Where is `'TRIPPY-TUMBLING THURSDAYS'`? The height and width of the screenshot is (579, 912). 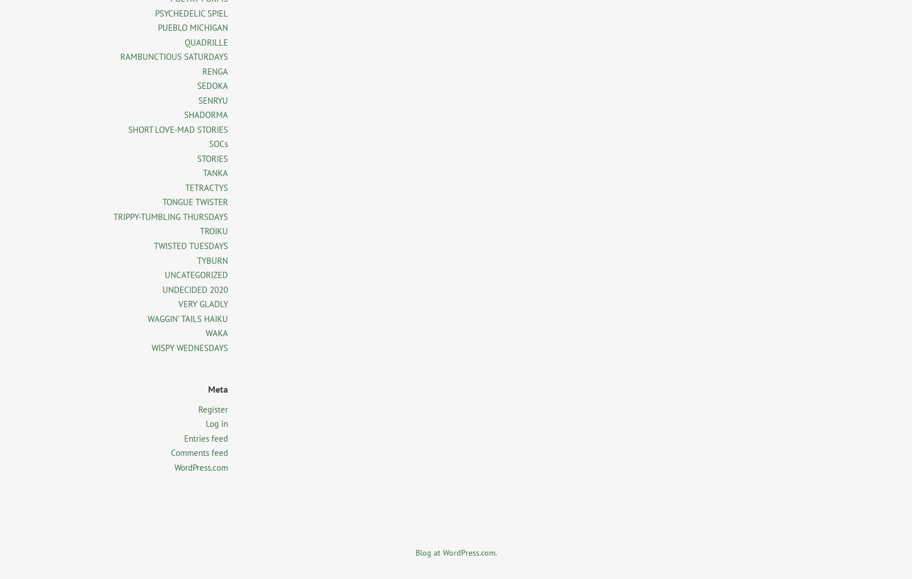 'TRIPPY-TUMBLING THURSDAYS' is located at coordinates (170, 216).